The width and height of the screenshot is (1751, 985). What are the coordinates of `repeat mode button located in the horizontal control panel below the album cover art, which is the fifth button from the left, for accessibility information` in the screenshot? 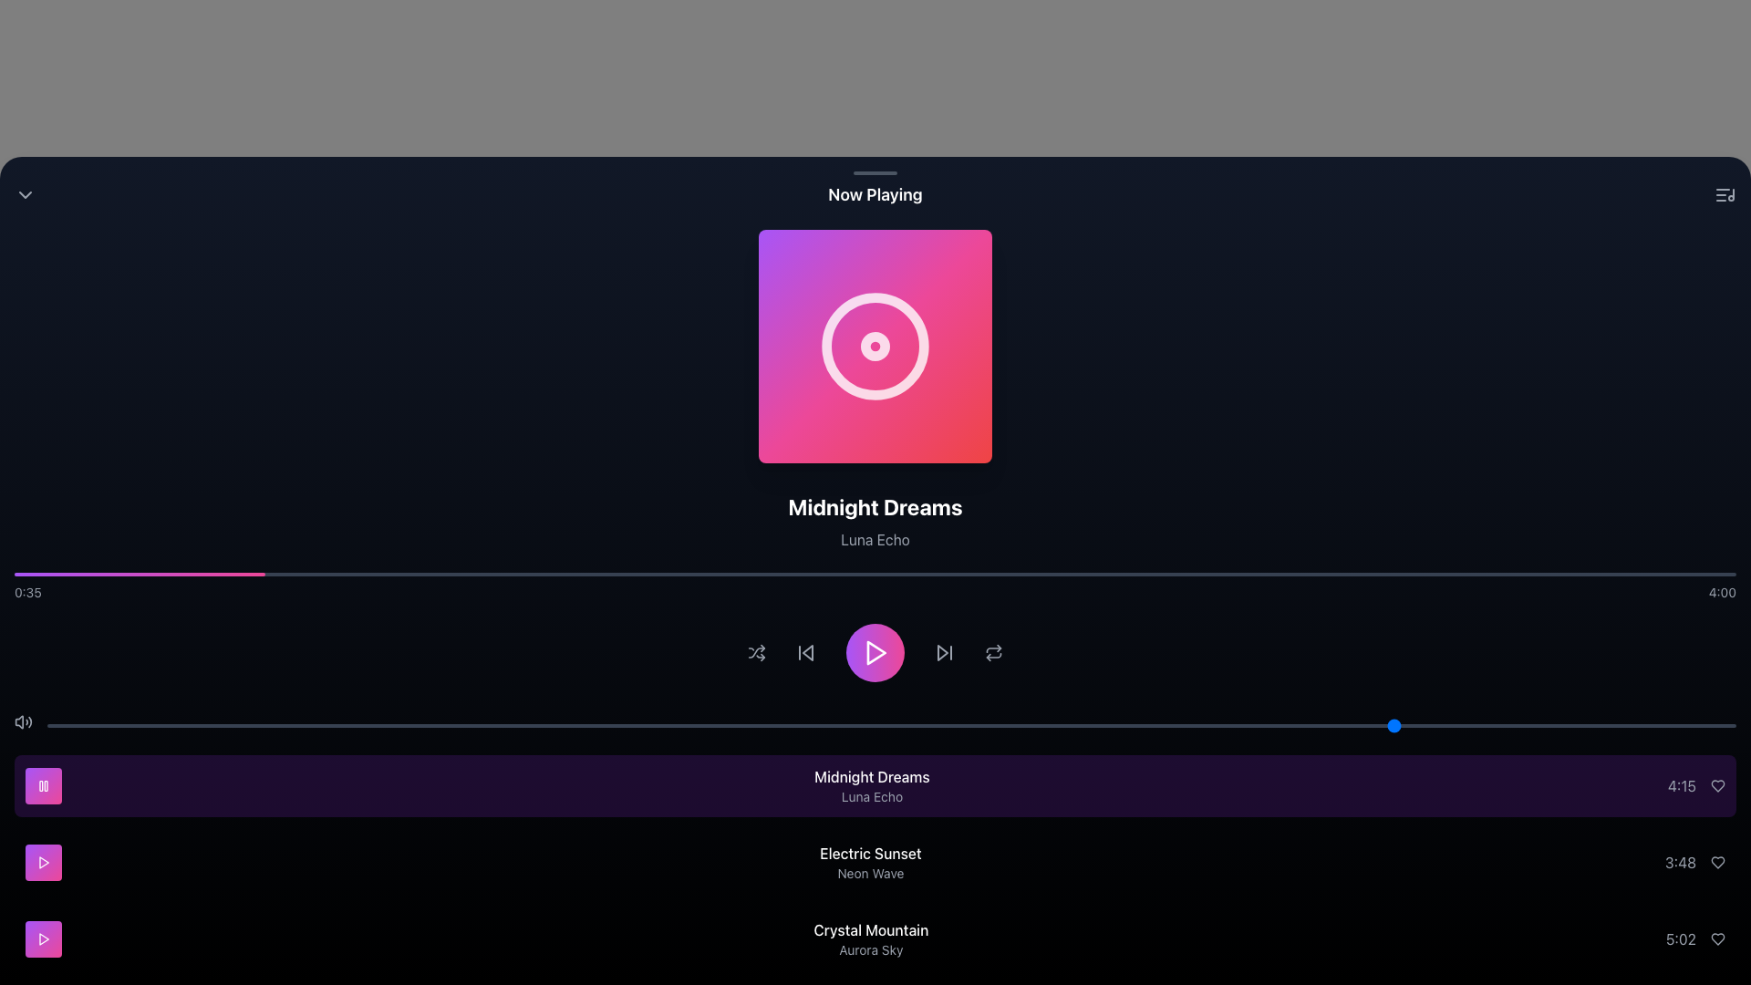 It's located at (992, 652).